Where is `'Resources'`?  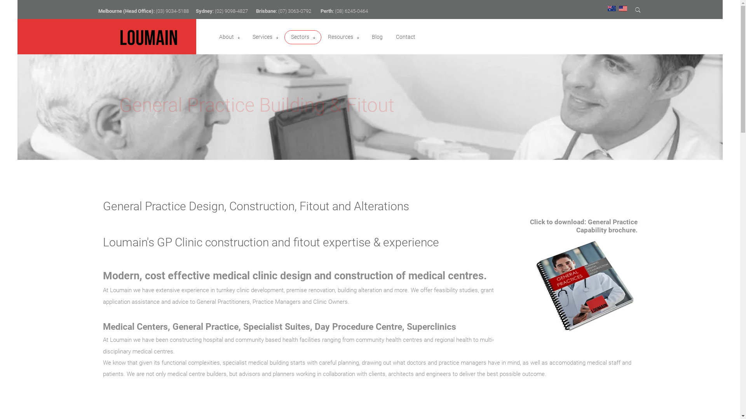 'Resources' is located at coordinates (343, 37).